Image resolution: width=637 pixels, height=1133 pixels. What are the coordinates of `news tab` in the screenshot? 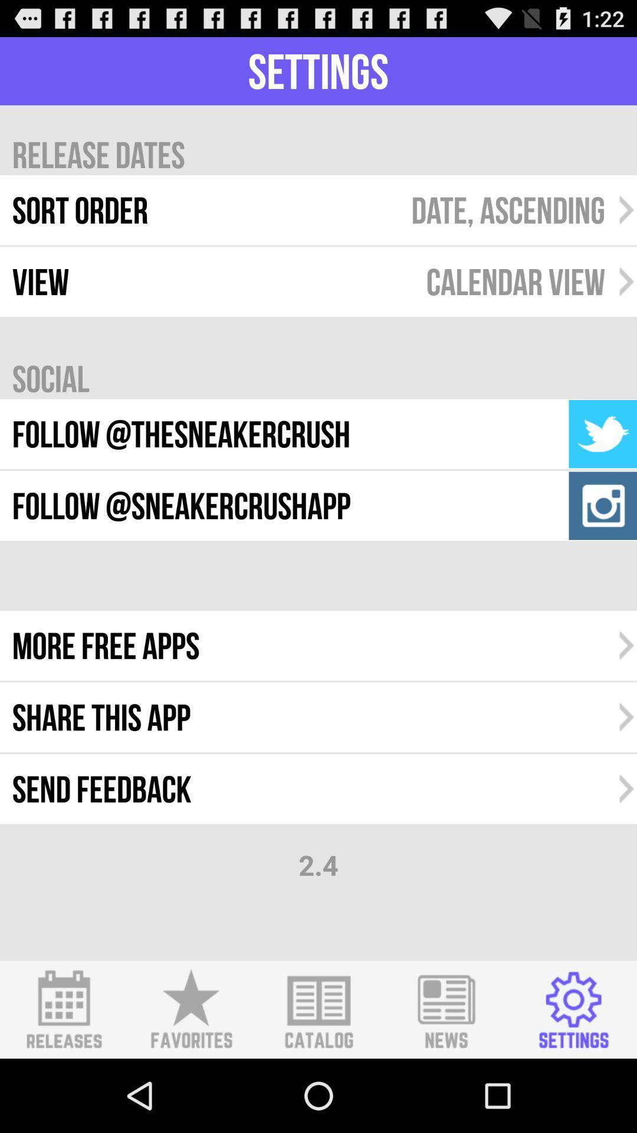 It's located at (446, 1009).